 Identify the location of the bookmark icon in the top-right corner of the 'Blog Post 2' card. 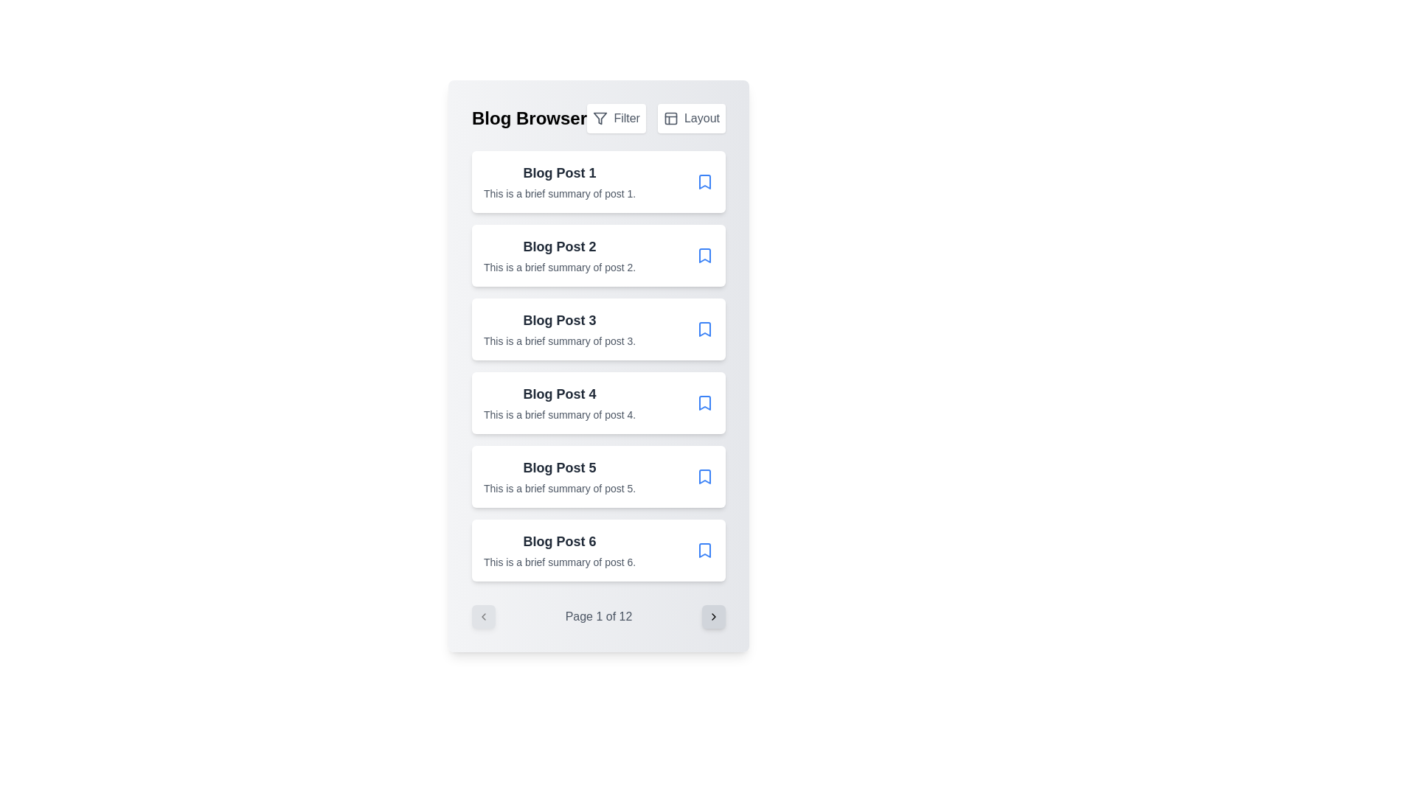
(704, 255).